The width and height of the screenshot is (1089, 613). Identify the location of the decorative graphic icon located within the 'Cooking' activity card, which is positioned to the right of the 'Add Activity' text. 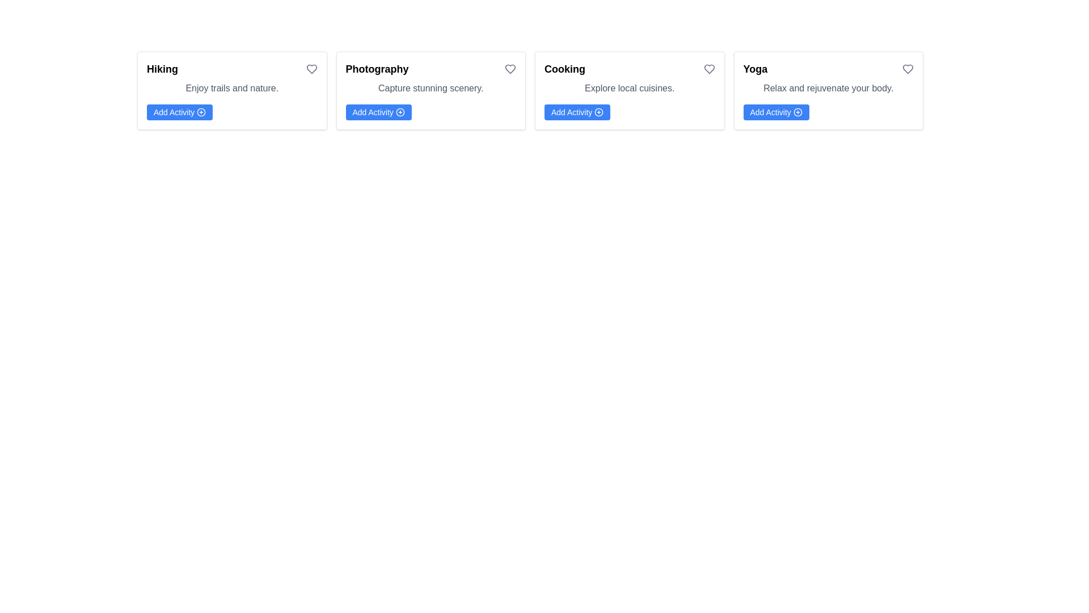
(598, 112).